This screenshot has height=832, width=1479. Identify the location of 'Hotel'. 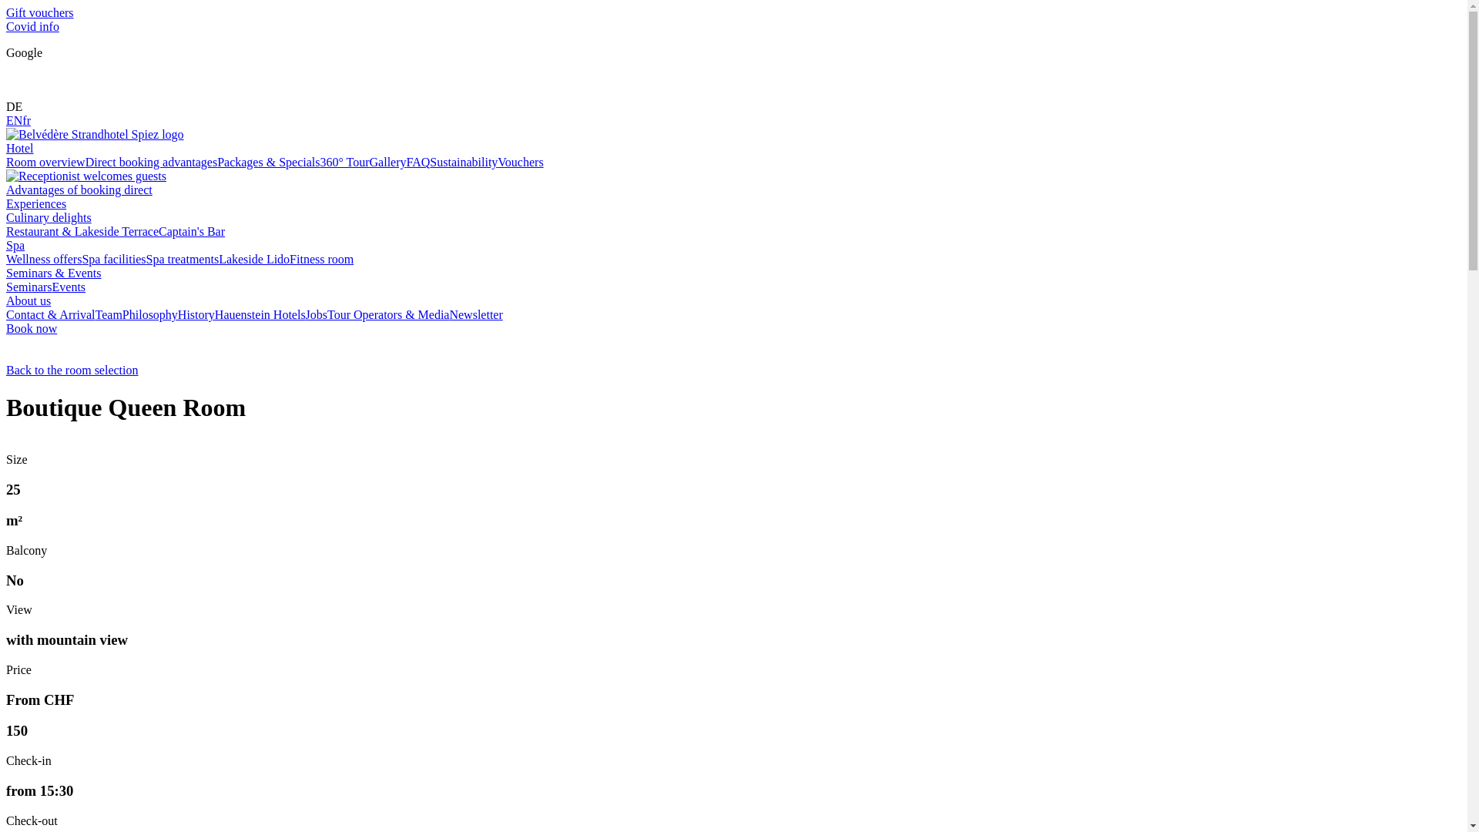
(733, 148).